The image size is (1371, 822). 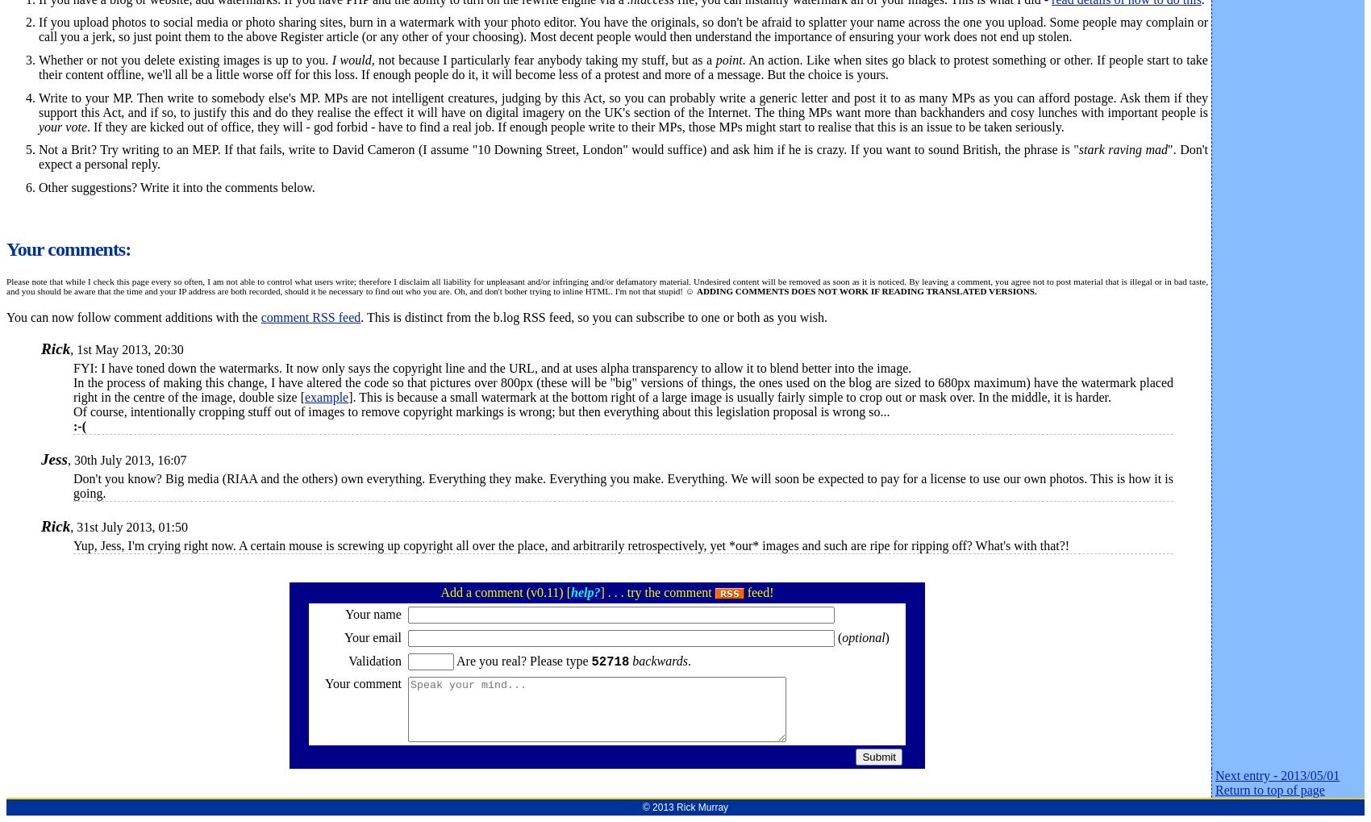 What do you see at coordinates (609, 661) in the screenshot?
I see `'52718'` at bounding box center [609, 661].